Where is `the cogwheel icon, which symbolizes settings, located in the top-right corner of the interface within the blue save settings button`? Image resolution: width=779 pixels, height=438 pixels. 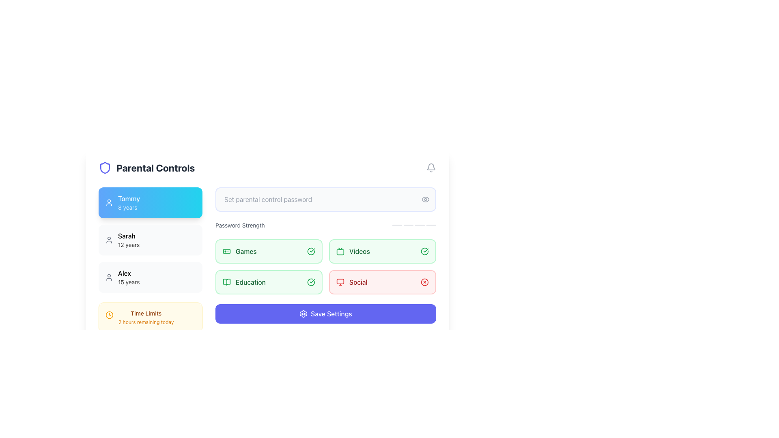
the cogwheel icon, which symbolizes settings, located in the top-right corner of the interface within the blue save settings button is located at coordinates (303, 313).